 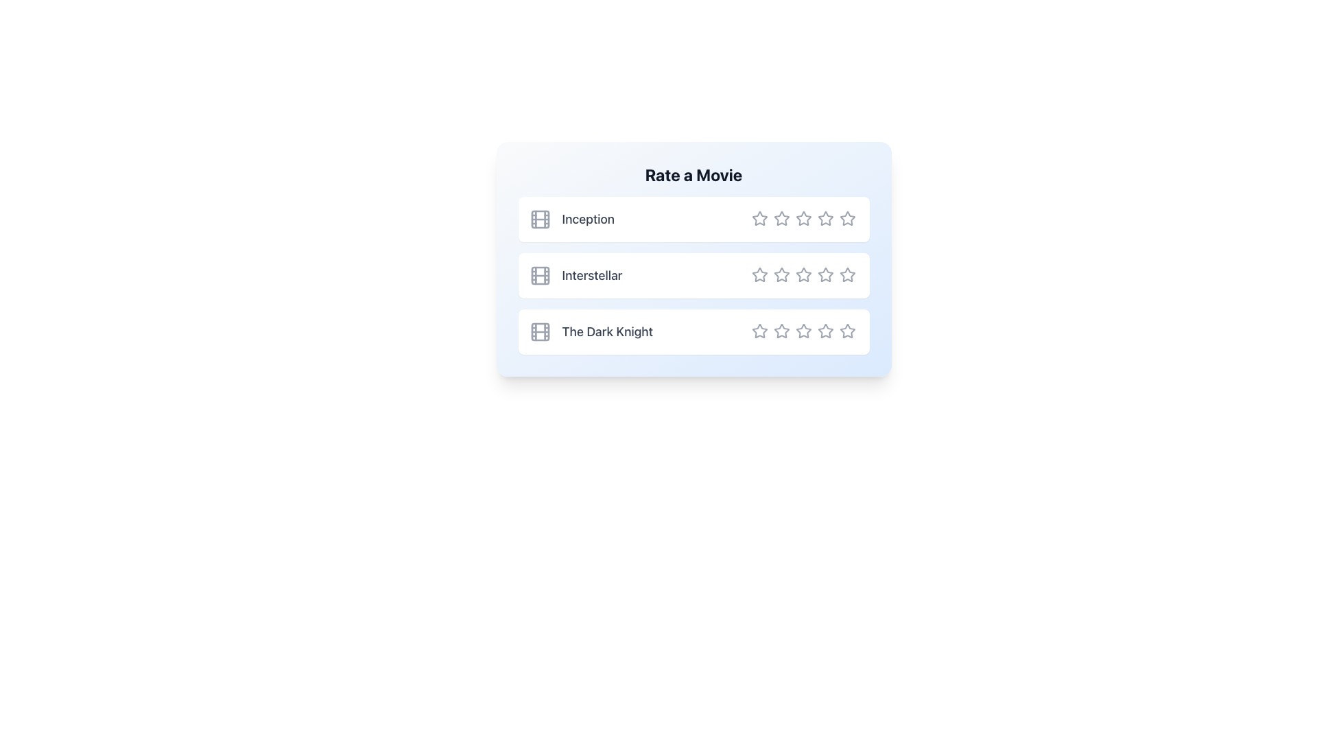 I want to click on the fifth star in the rating sequence for the movie 'Interstellar', so click(x=846, y=275).